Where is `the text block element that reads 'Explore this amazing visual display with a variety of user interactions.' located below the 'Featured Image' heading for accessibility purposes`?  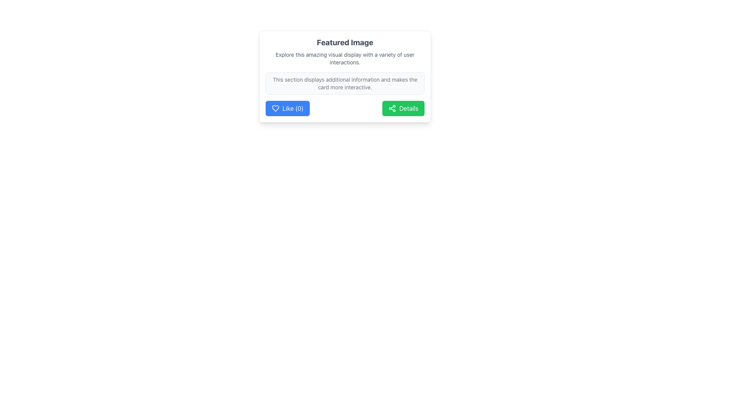
the text block element that reads 'Explore this amazing visual display with a variety of user interactions.' located below the 'Featured Image' heading for accessibility purposes is located at coordinates (344, 58).